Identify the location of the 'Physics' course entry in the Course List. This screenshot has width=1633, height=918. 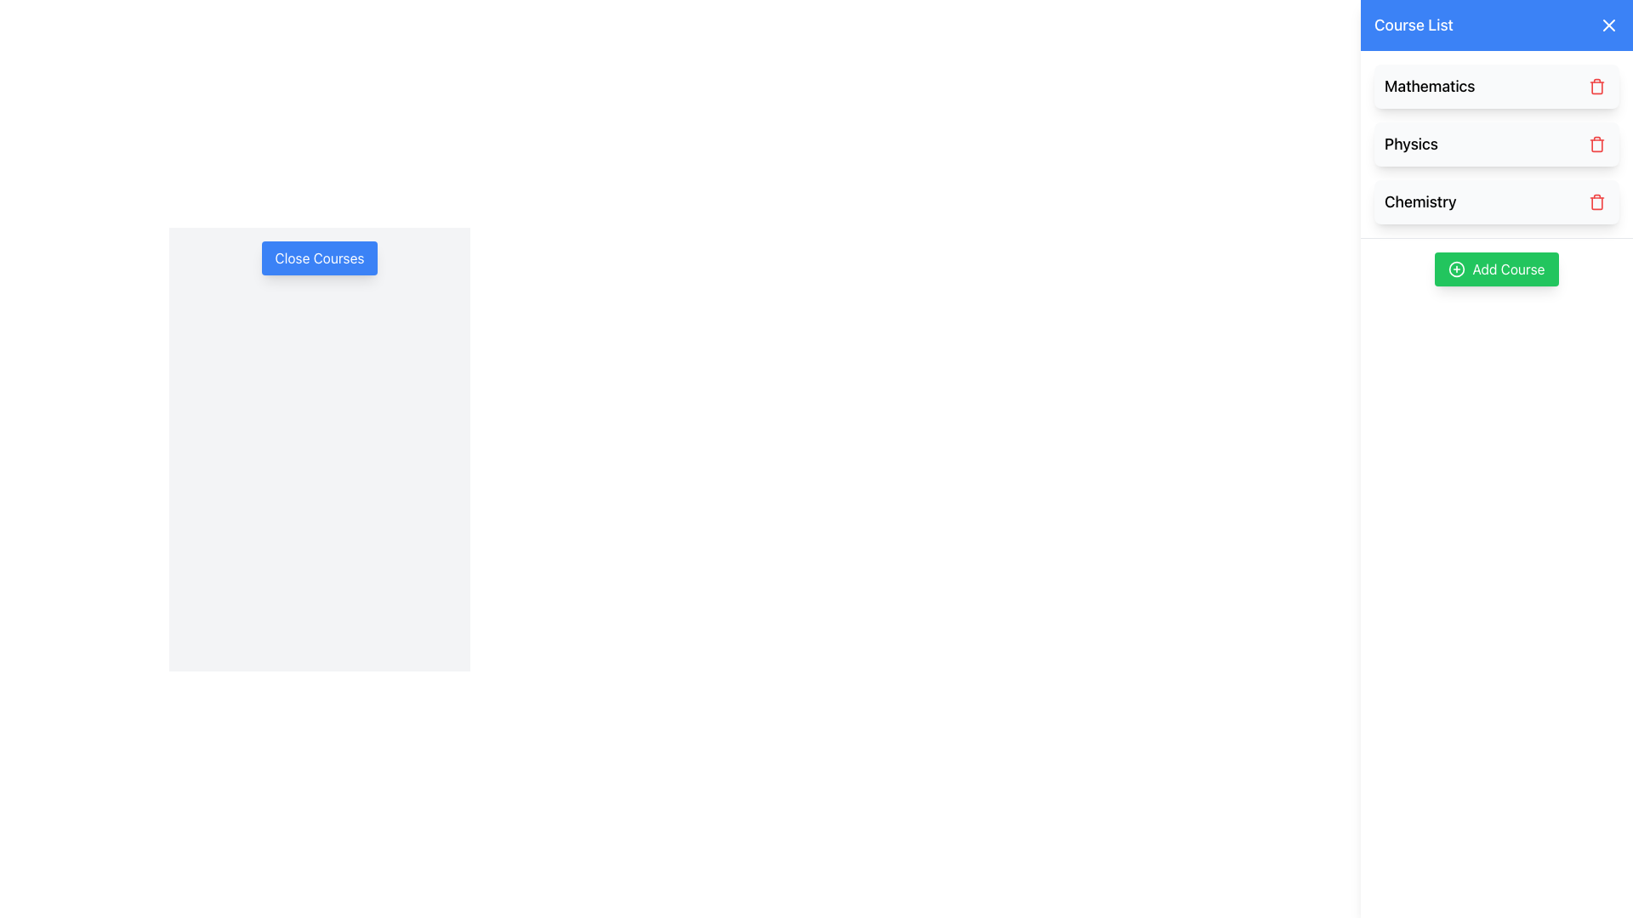
(1497, 143).